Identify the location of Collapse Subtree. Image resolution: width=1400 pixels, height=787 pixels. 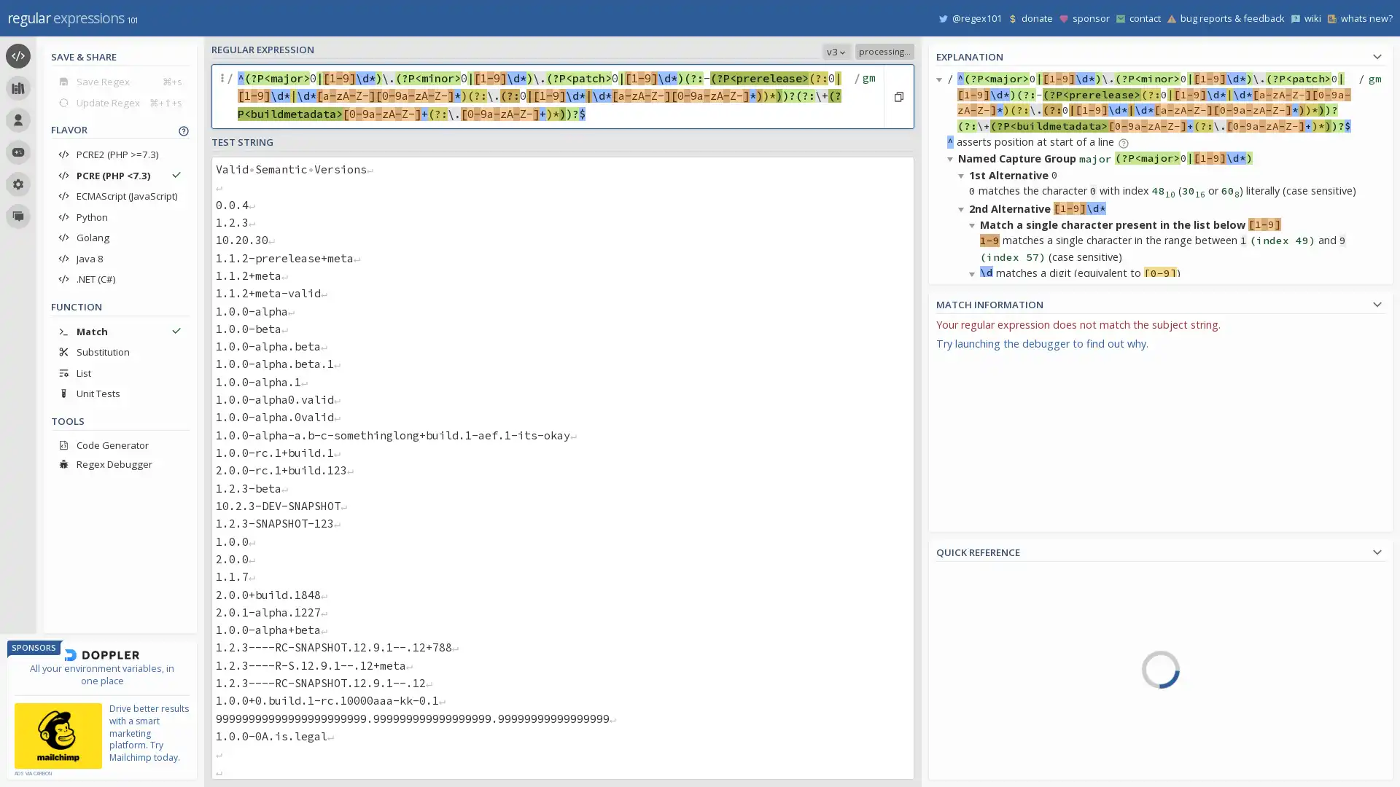
(952, 686).